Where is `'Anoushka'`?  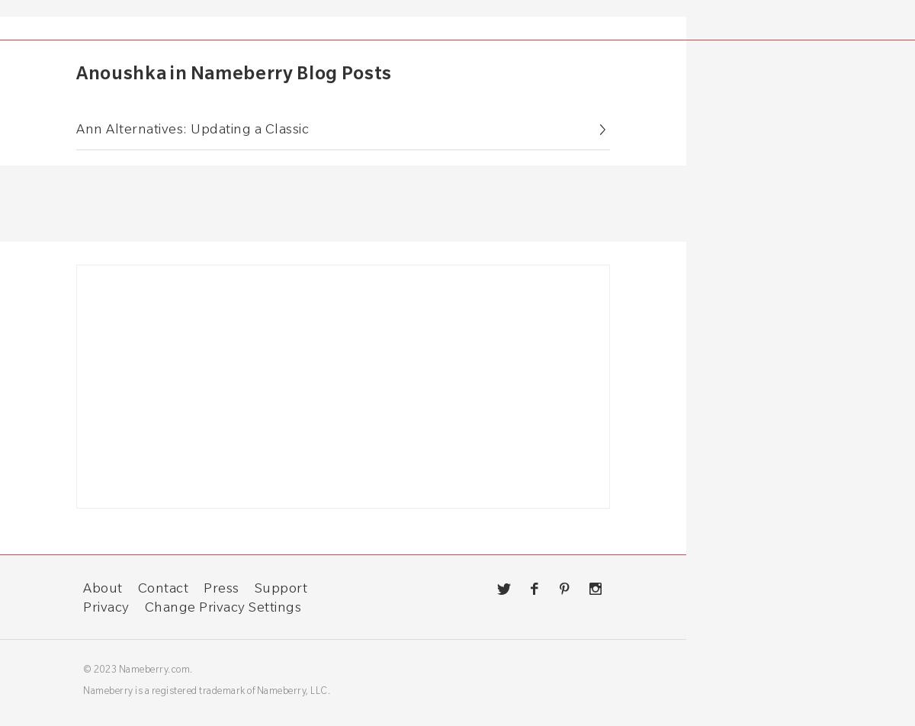
'Anoushka' is located at coordinates (120, 72).